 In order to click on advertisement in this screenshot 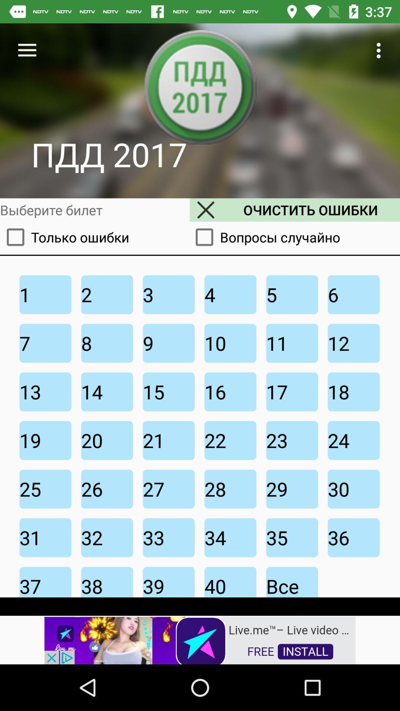, I will do `click(200, 640)`.